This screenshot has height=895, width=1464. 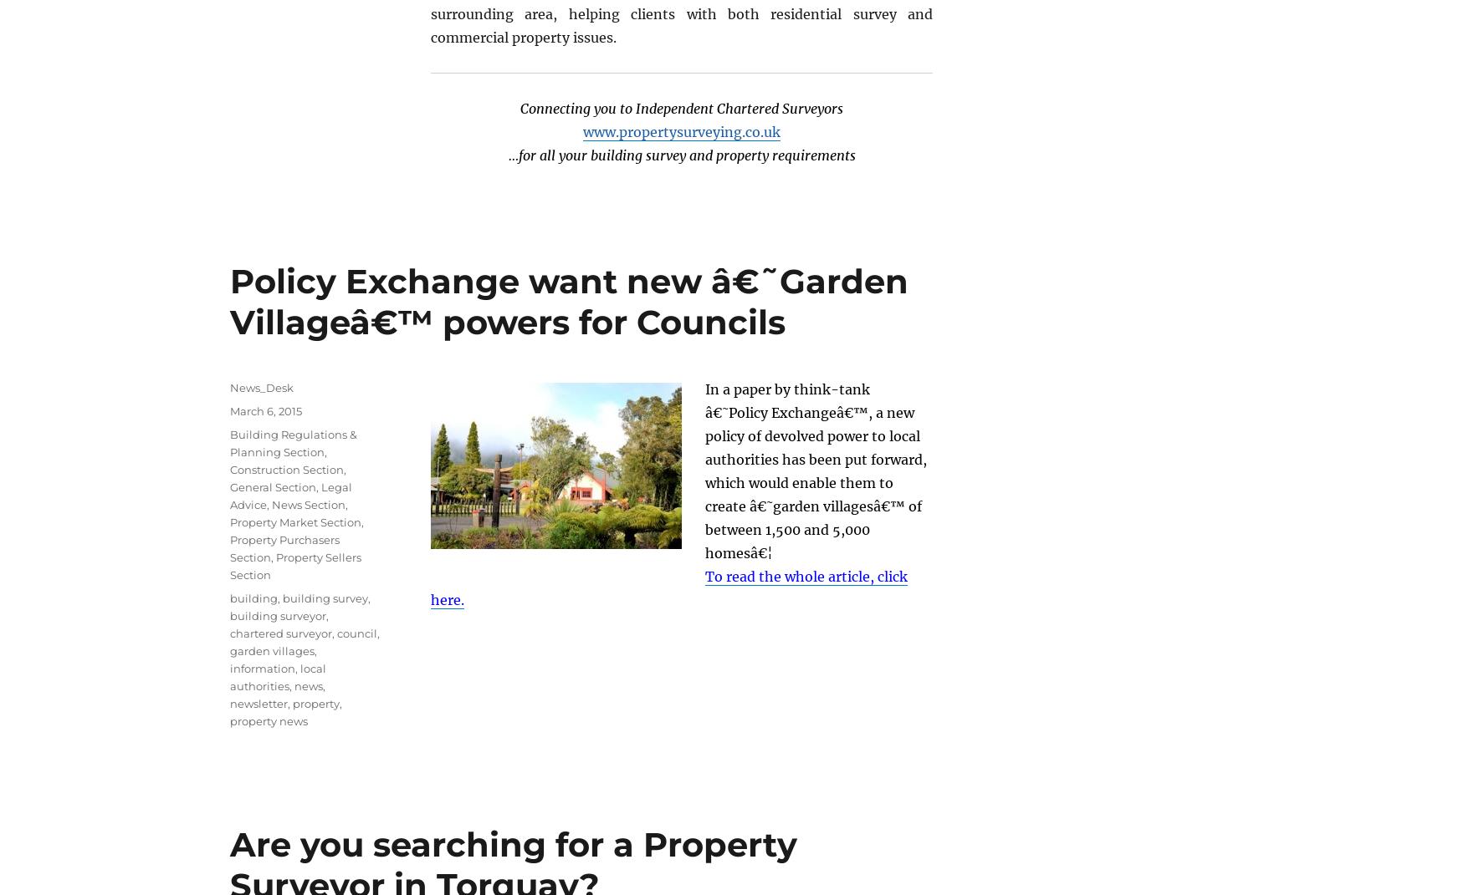 What do you see at coordinates (287, 468) in the screenshot?
I see `'Construction Section'` at bounding box center [287, 468].